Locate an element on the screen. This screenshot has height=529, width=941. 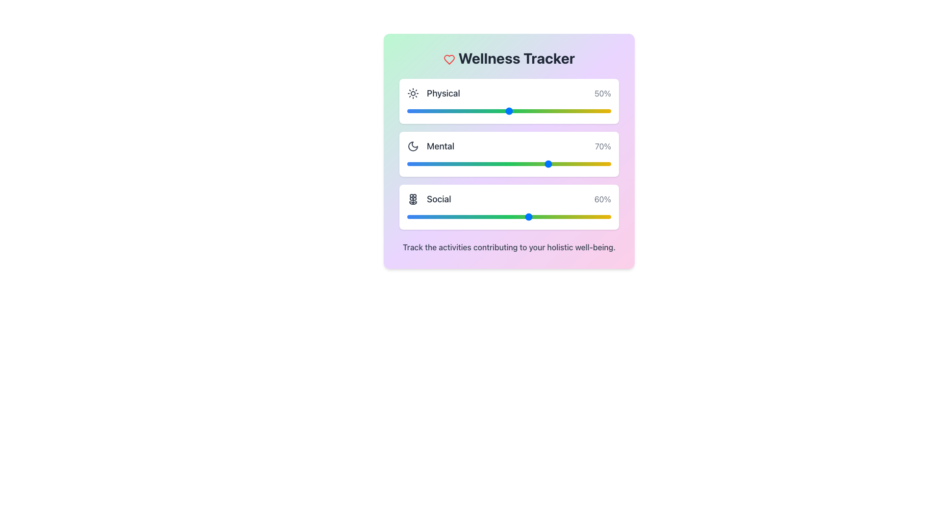
the 'Physical' text label that indicates the first progress bar in the wellness tracker, which is located under the 'Wellness Tracker' heading and adjacent to a sun-like symbol and the text '50%' is located at coordinates (443, 94).